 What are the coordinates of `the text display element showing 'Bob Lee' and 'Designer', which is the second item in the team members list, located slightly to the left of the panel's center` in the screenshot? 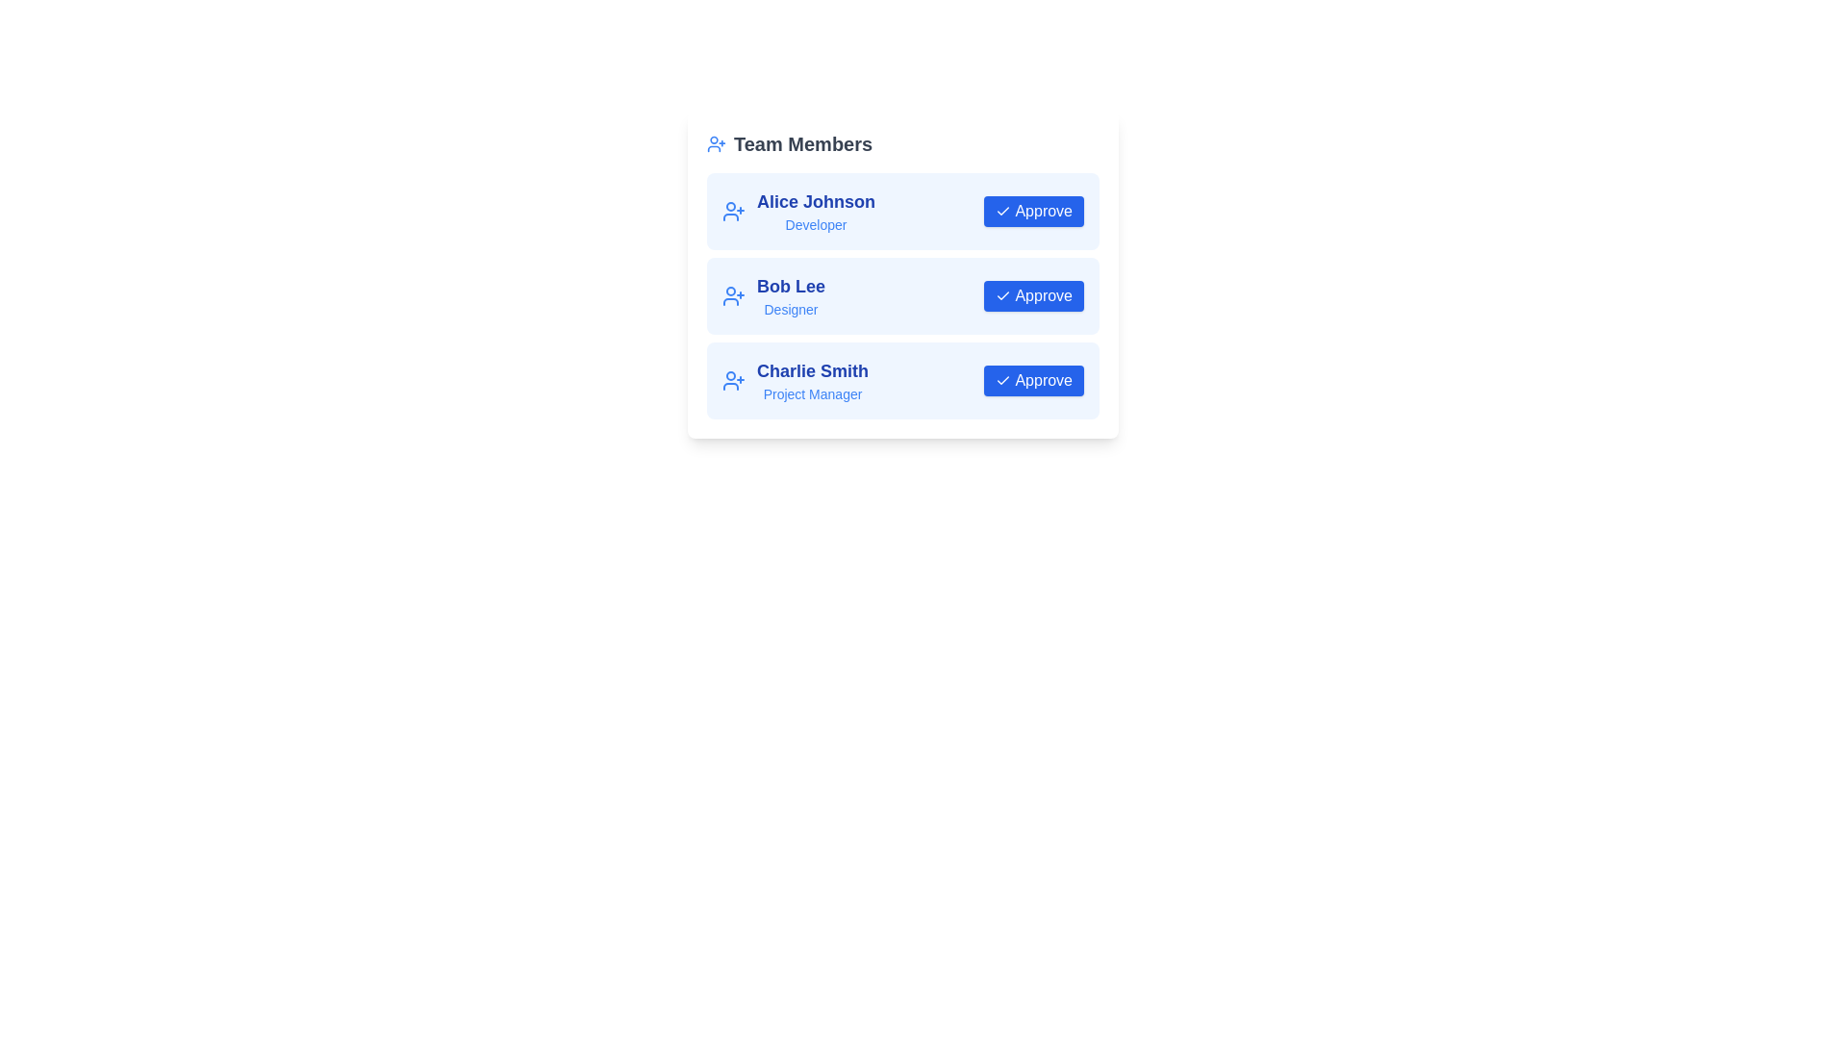 It's located at (791, 296).